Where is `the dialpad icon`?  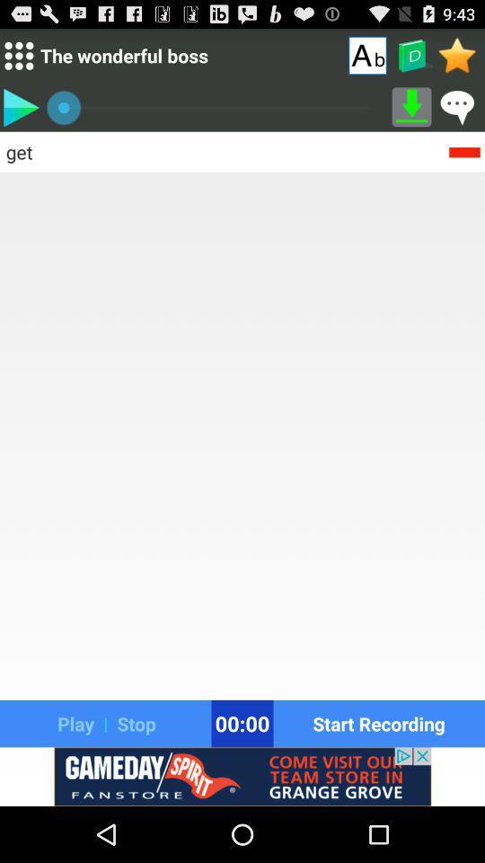 the dialpad icon is located at coordinates (18, 59).